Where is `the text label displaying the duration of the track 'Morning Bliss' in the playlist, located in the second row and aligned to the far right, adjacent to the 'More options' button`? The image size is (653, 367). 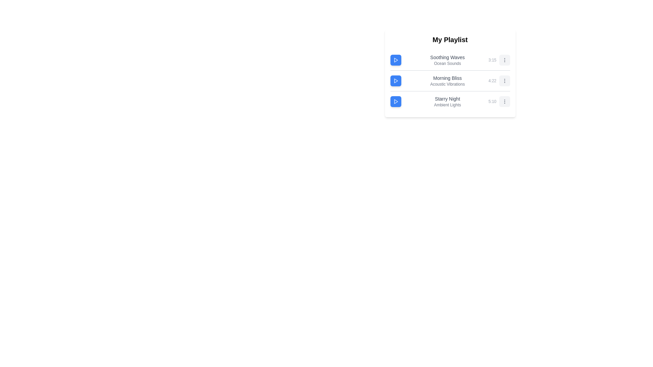
the text label displaying the duration of the track 'Morning Bliss' in the playlist, located in the second row and aligned to the far right, adjacent to the 'More options' button is located at coordinates (492, 81).